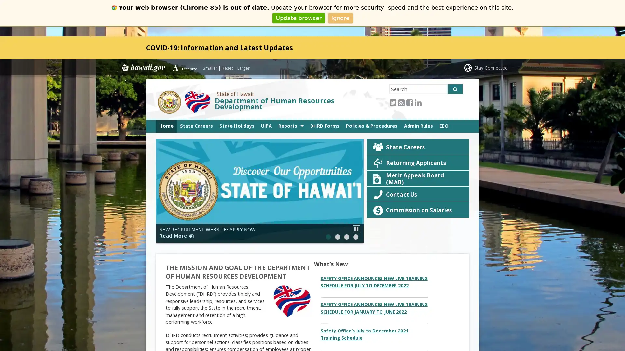 The height and width of the screenshot is (351, 625). Describe the element at coordinates (455, 89) in the screenshot. I see `Search` at that location.